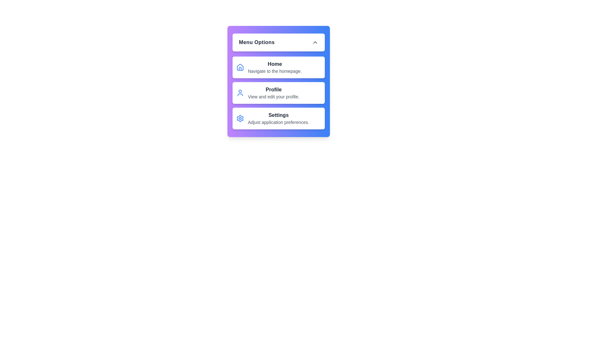 Image resolution: width=615 pixels, height=345 pixels. I want to click on the menu item labeled Settings to trigger its action, so click(278, 118).